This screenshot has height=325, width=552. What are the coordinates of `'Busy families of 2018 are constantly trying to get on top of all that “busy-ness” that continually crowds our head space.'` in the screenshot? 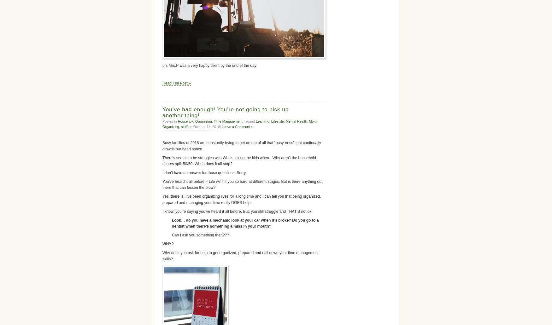 It's located at (162, 146).